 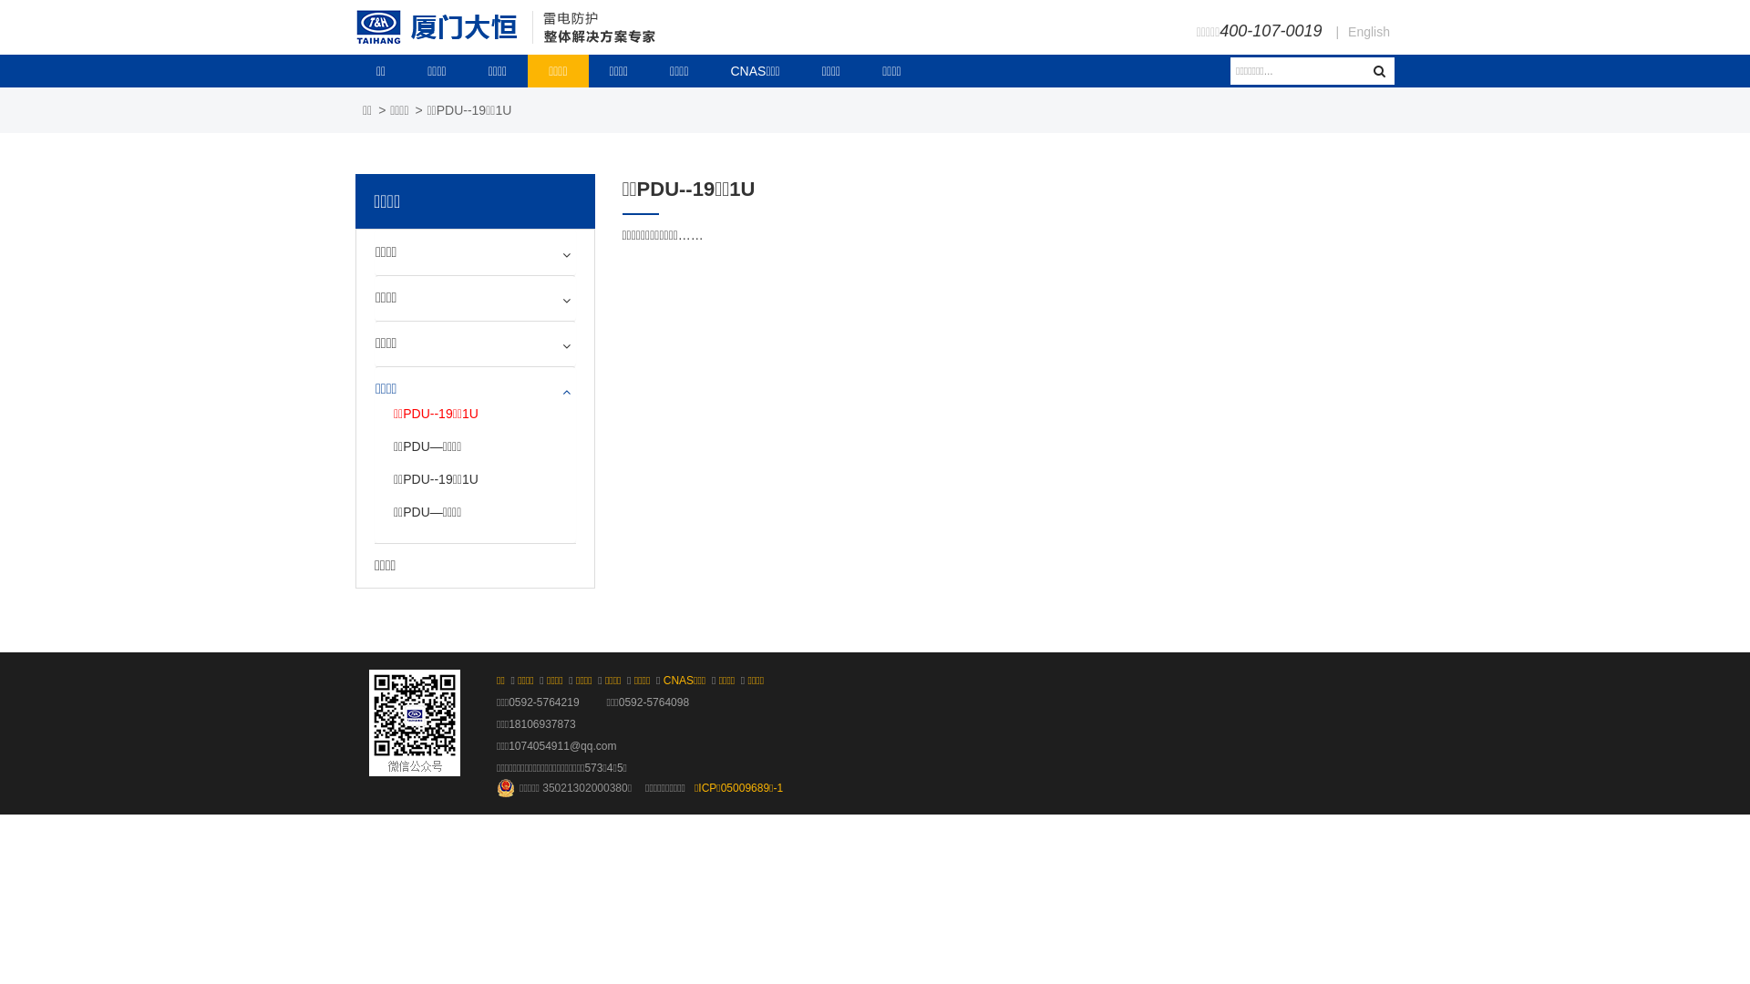 I want to click on 'English', so click(x=1338, y=31).